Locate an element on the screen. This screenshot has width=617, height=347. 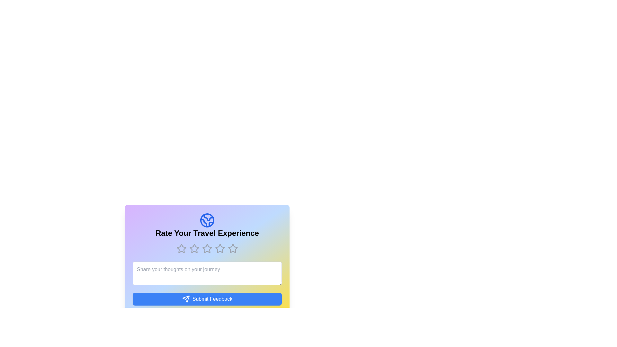
the 'Submit Feedback' button to submit the feedback is located at coordinates (207, 299).